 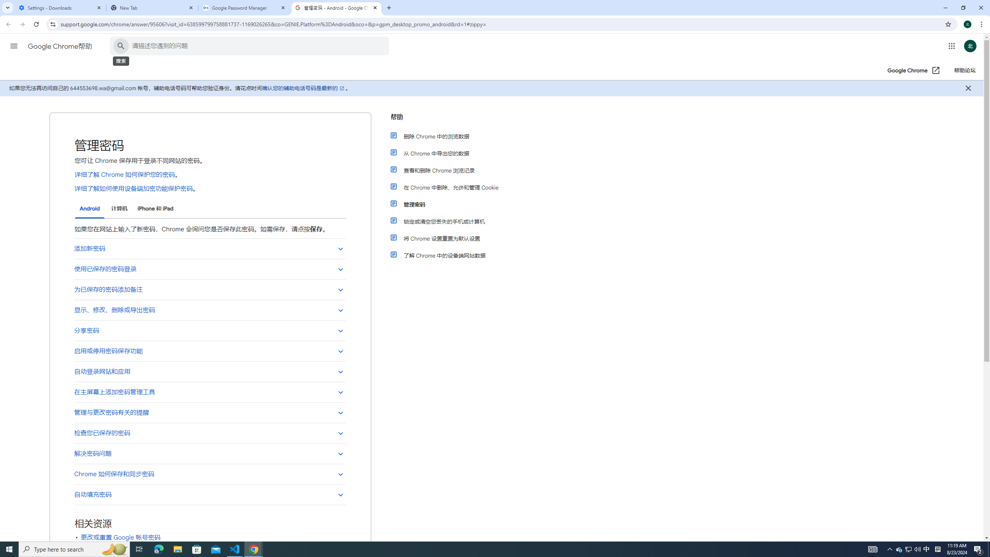 What do you see at coordinates (60, 7) in the screenshot?
I see `'Settings - Downloads'` at bounding box center [60, 7].